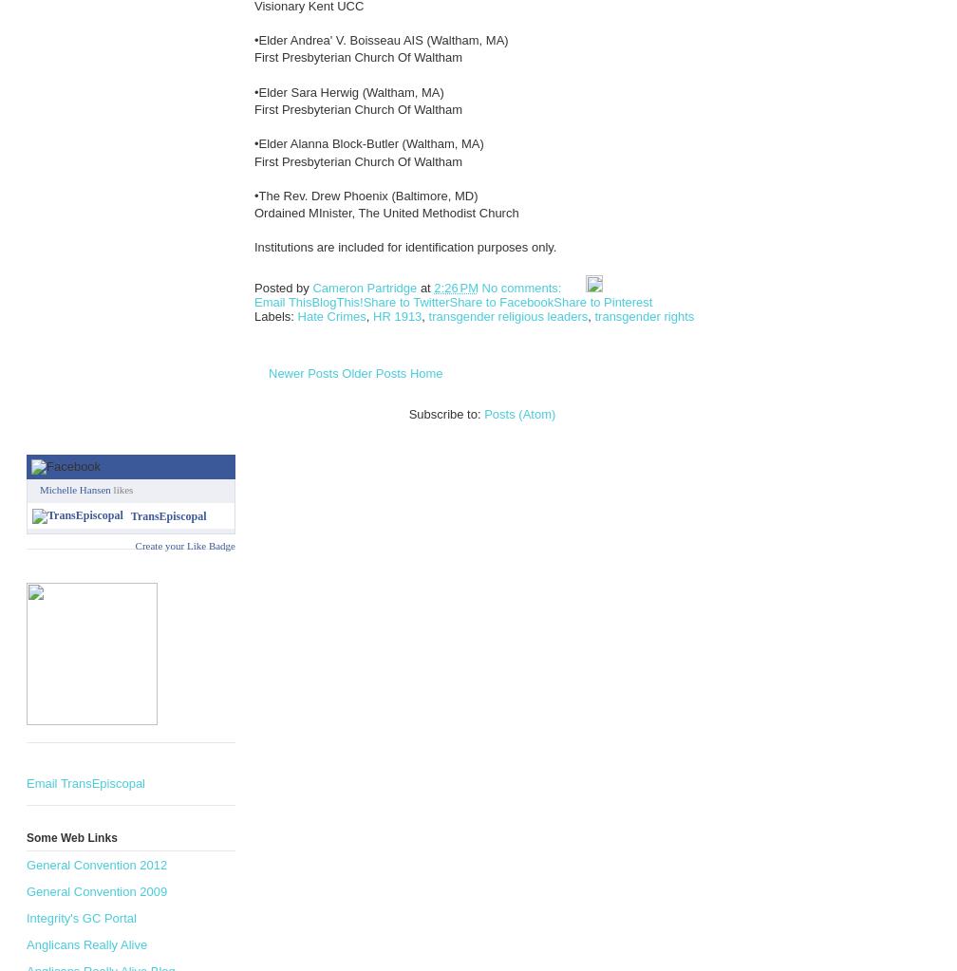  What do you see at coordinates (405, 302) in the screenshot?
I see `'Share to Twitter'` at bounding box center [405, 302].